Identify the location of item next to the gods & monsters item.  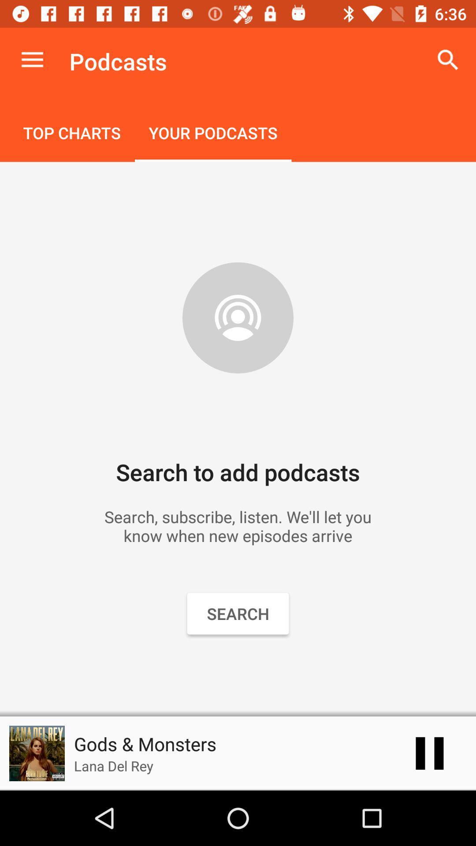
(429, 753).